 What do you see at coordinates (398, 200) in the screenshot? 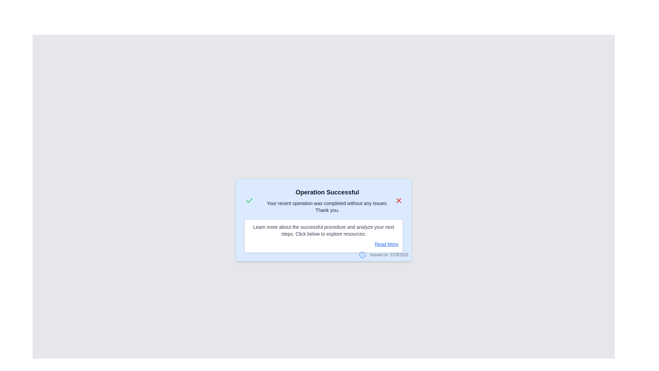
I see `close button to dismiss the alert` at bounding box center [398, 200].